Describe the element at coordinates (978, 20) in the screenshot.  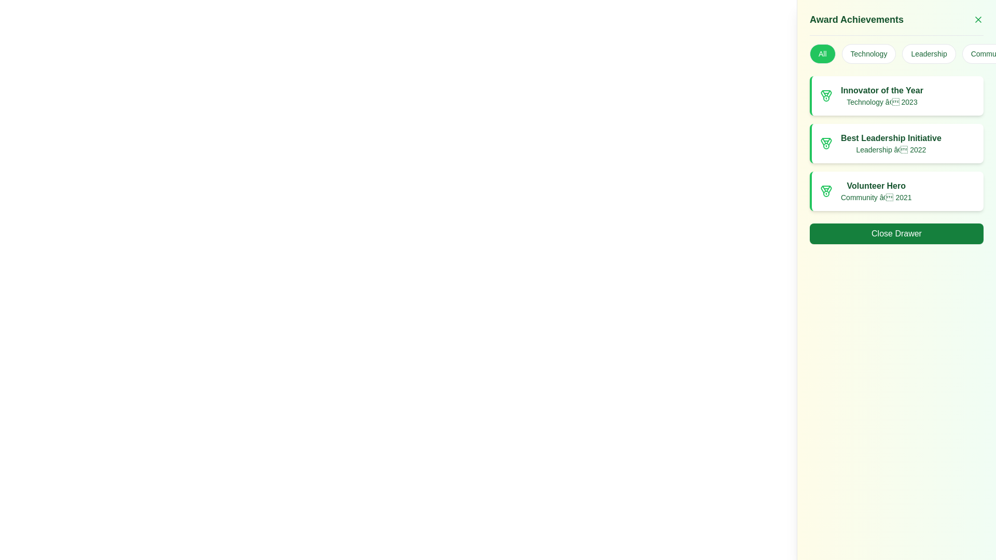
I see `the close button located in the top right corner of the 'Award Achievements' interface` at that location.